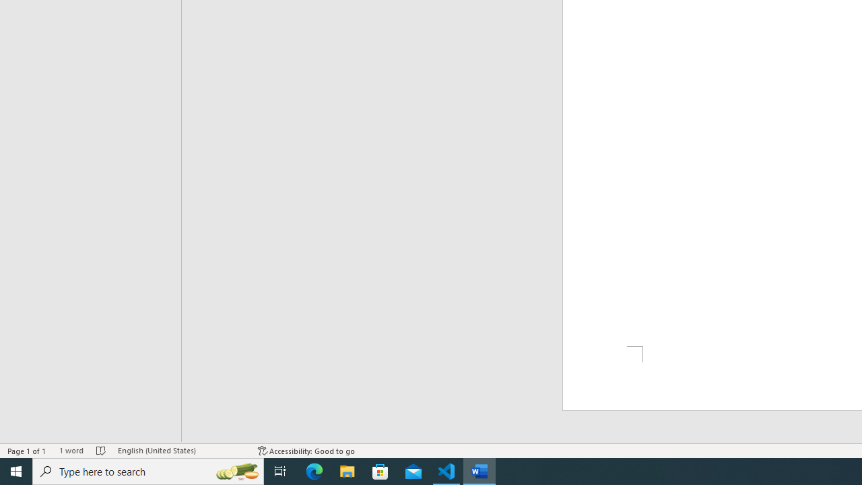  I want to click on 'Visual Studio Code - 1 running window', so click(446, 470).